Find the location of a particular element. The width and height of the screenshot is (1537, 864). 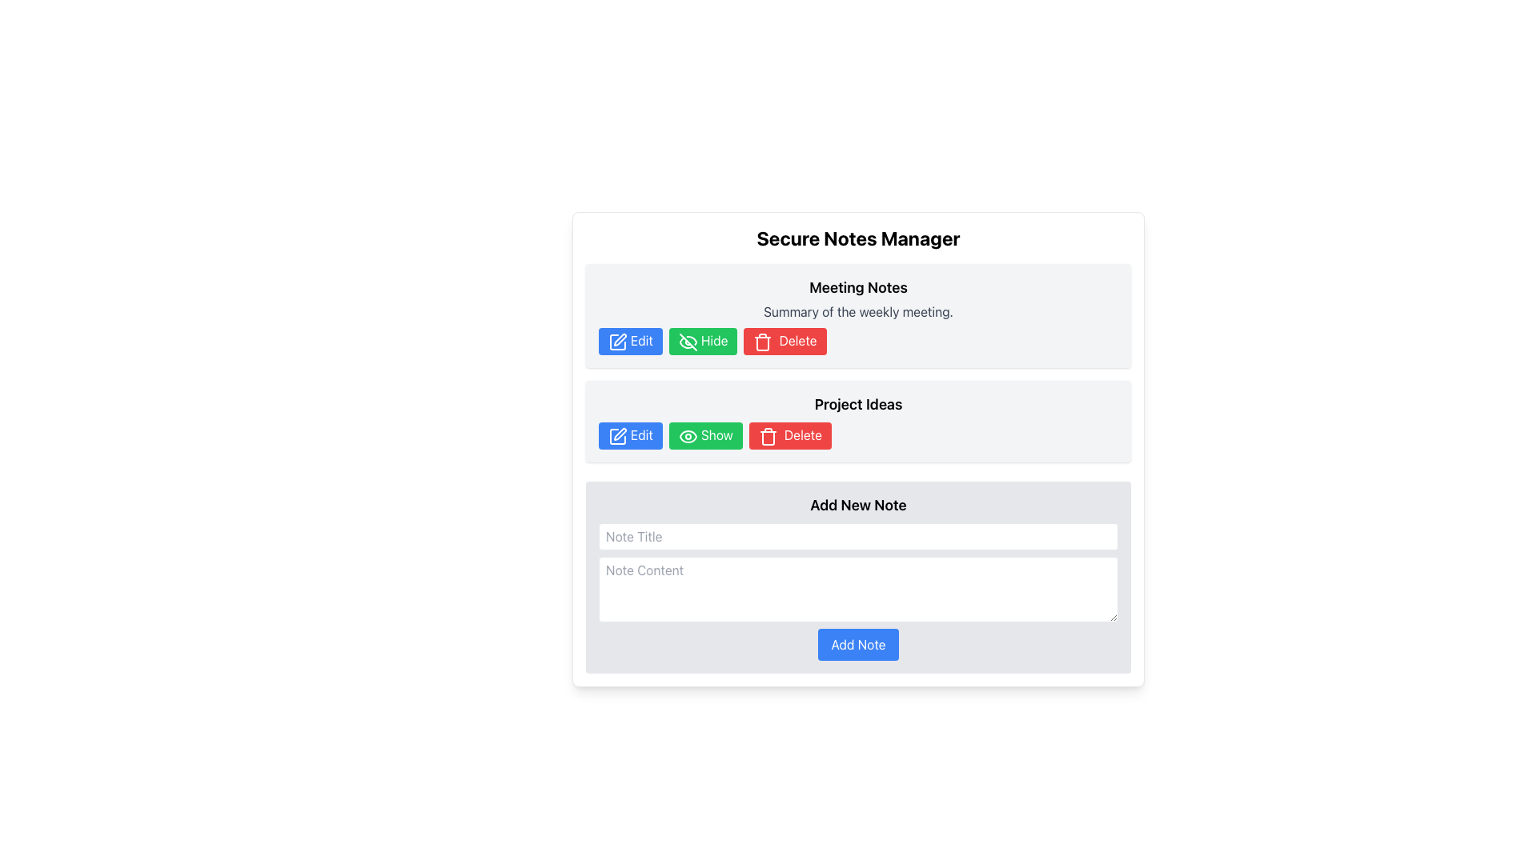

the 'Delete' button with a red background, white text, and a trash can logo is located at coordinates (785, 340).